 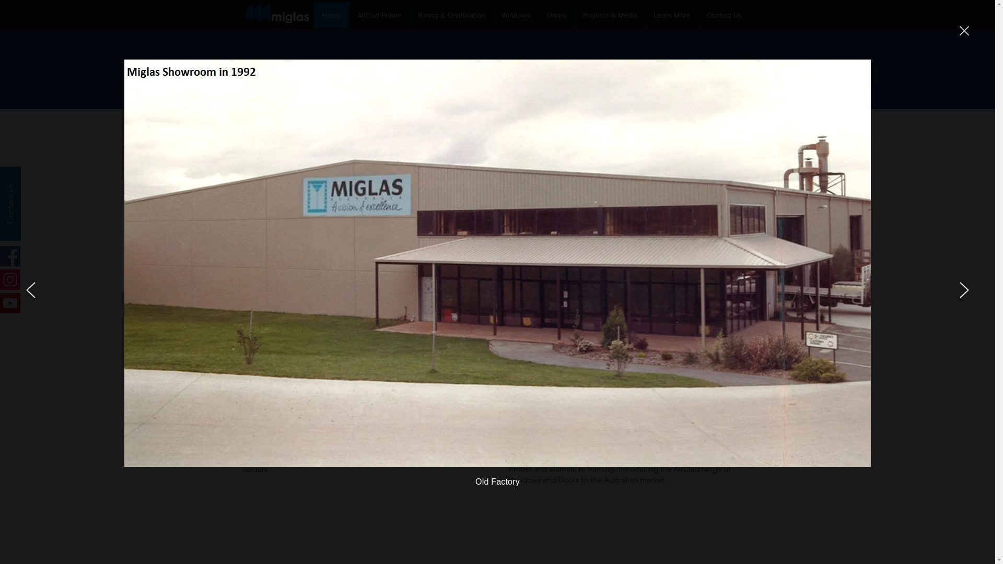 I want to click on 'Home', so click(x=330, y=15).